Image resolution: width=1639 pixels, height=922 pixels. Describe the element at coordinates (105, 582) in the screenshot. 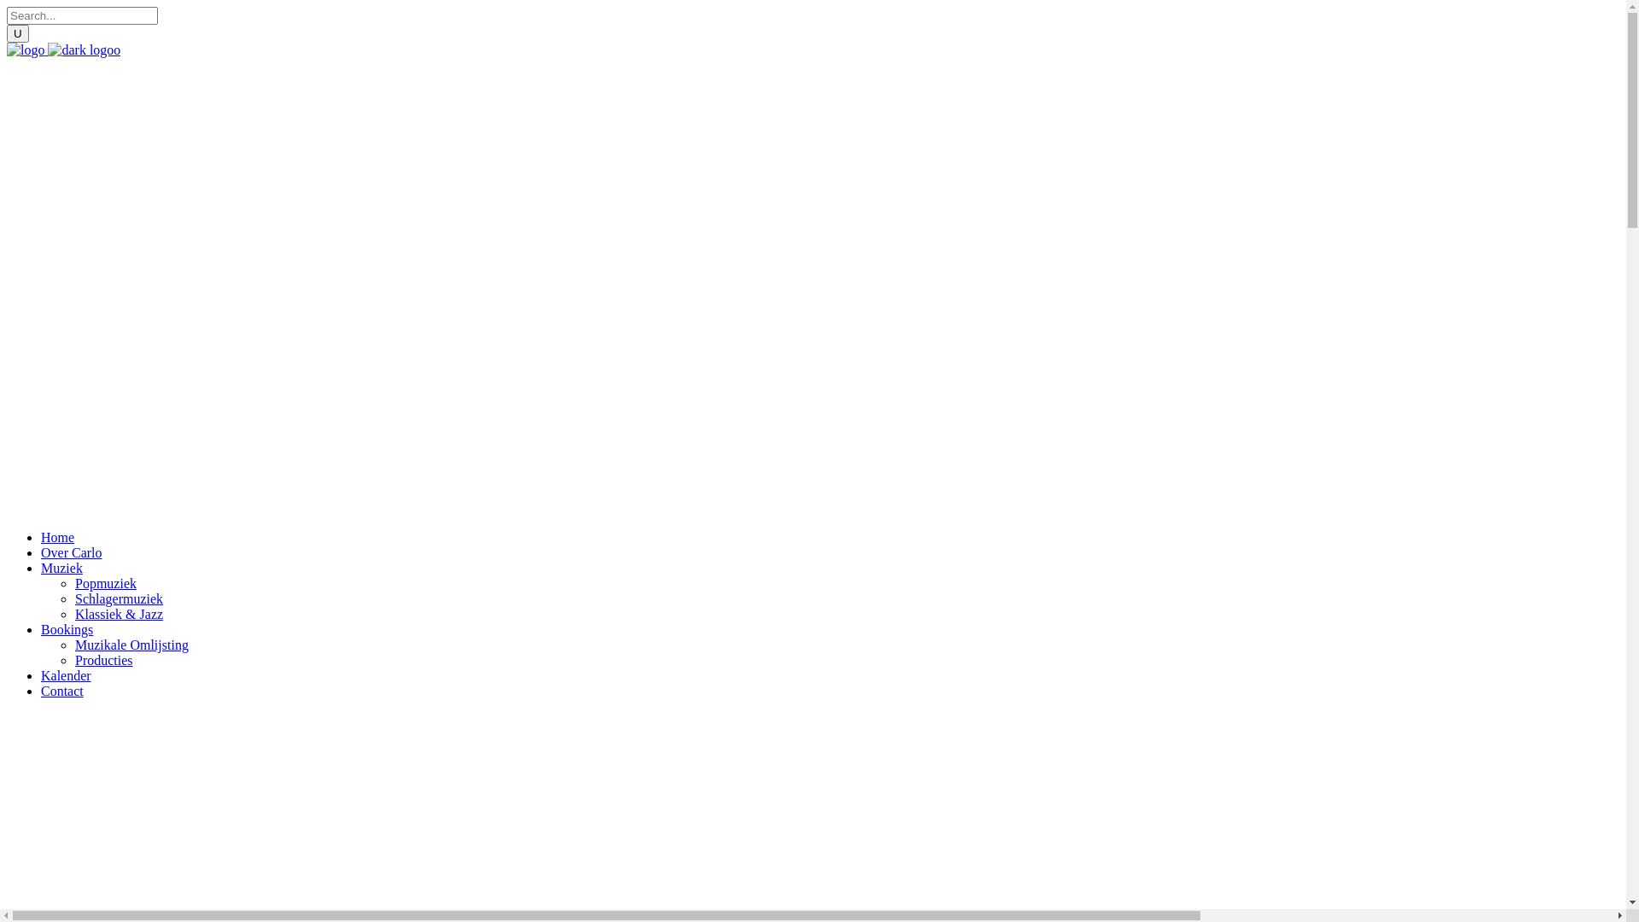

I see `'Popmuziek'` at that location.